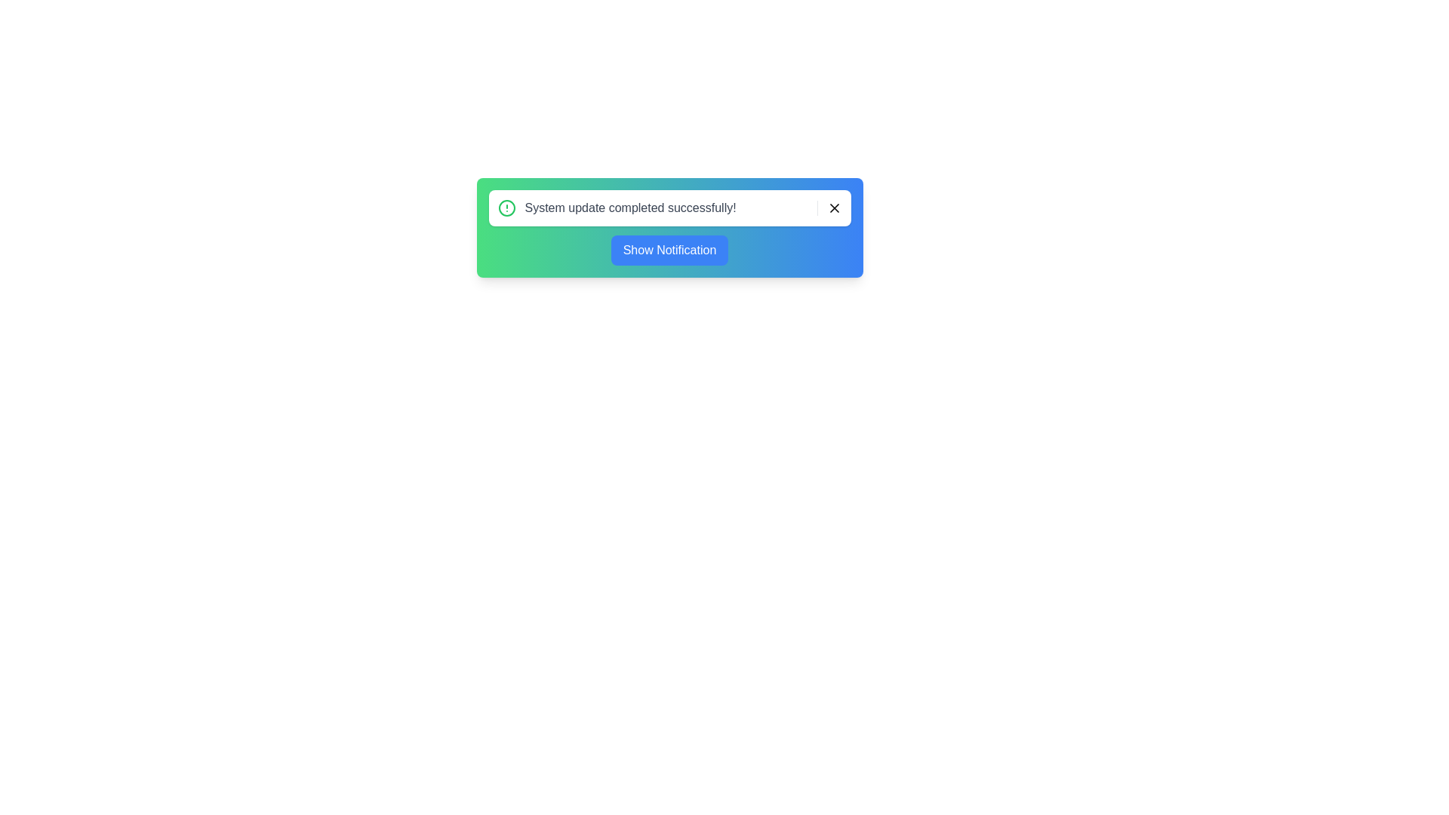 This screenshot has width=1449, height=815. What do you see at coordinates (630, 208) in the screenshot?
I see `text string 'System update completed successfully!' which is displayed in the notification bar, centrally located between a green circle icon and a close button` at bounding box center [630, 208].